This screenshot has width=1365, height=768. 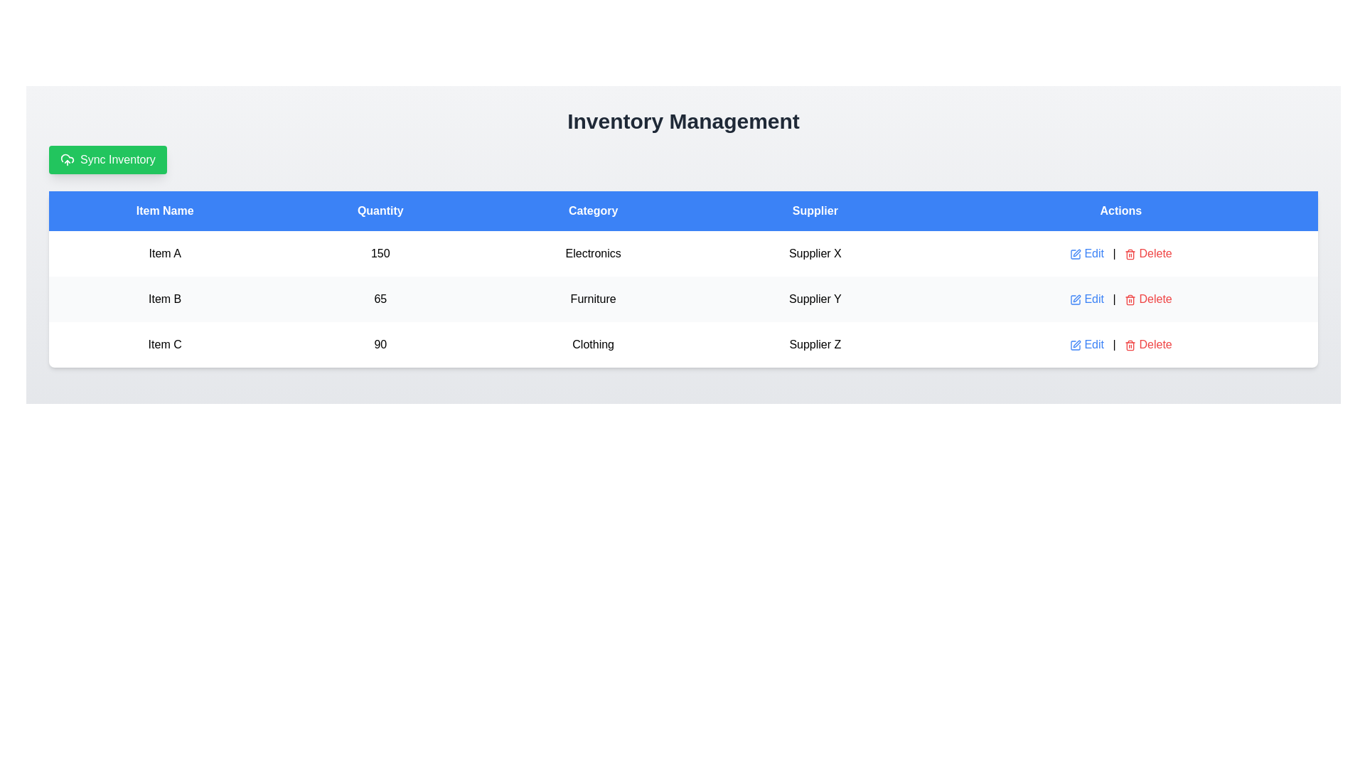 What do you see at coordinates (1086, 253) in the screenshot?
I see `the 'Edit' button, which is a clickable blue text with a pen icon located` at bounding box center [1086, 253].